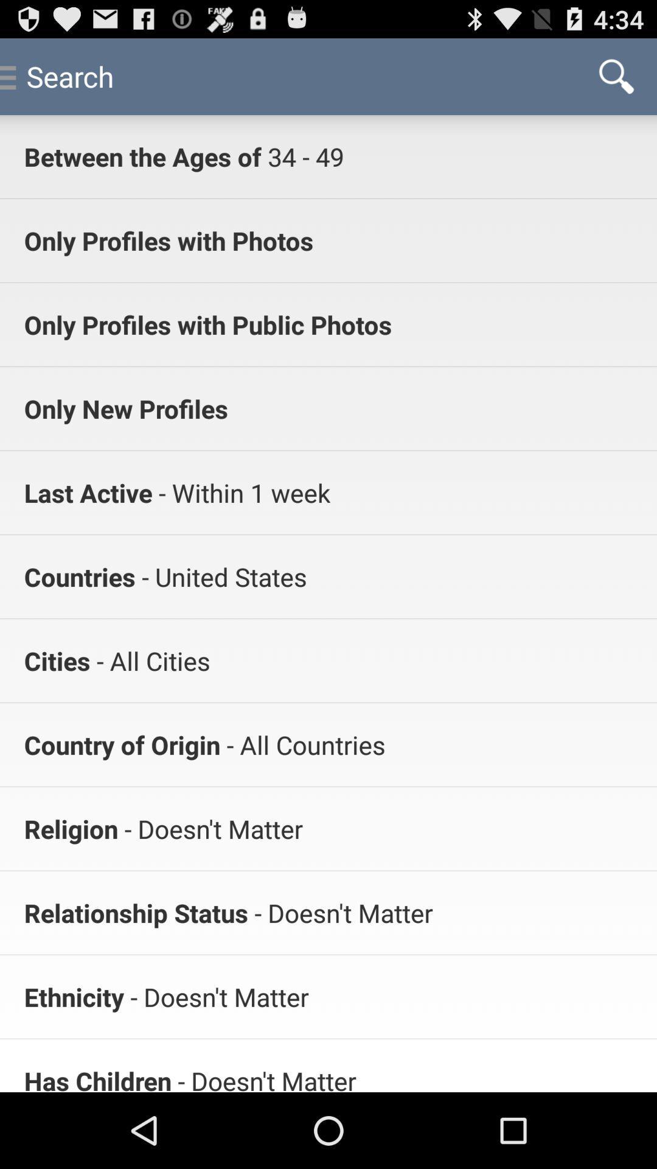  Describe the element at coordinates (302, 744) in the screenshot. I see `the icon above  - doesn't matter item` at that location.